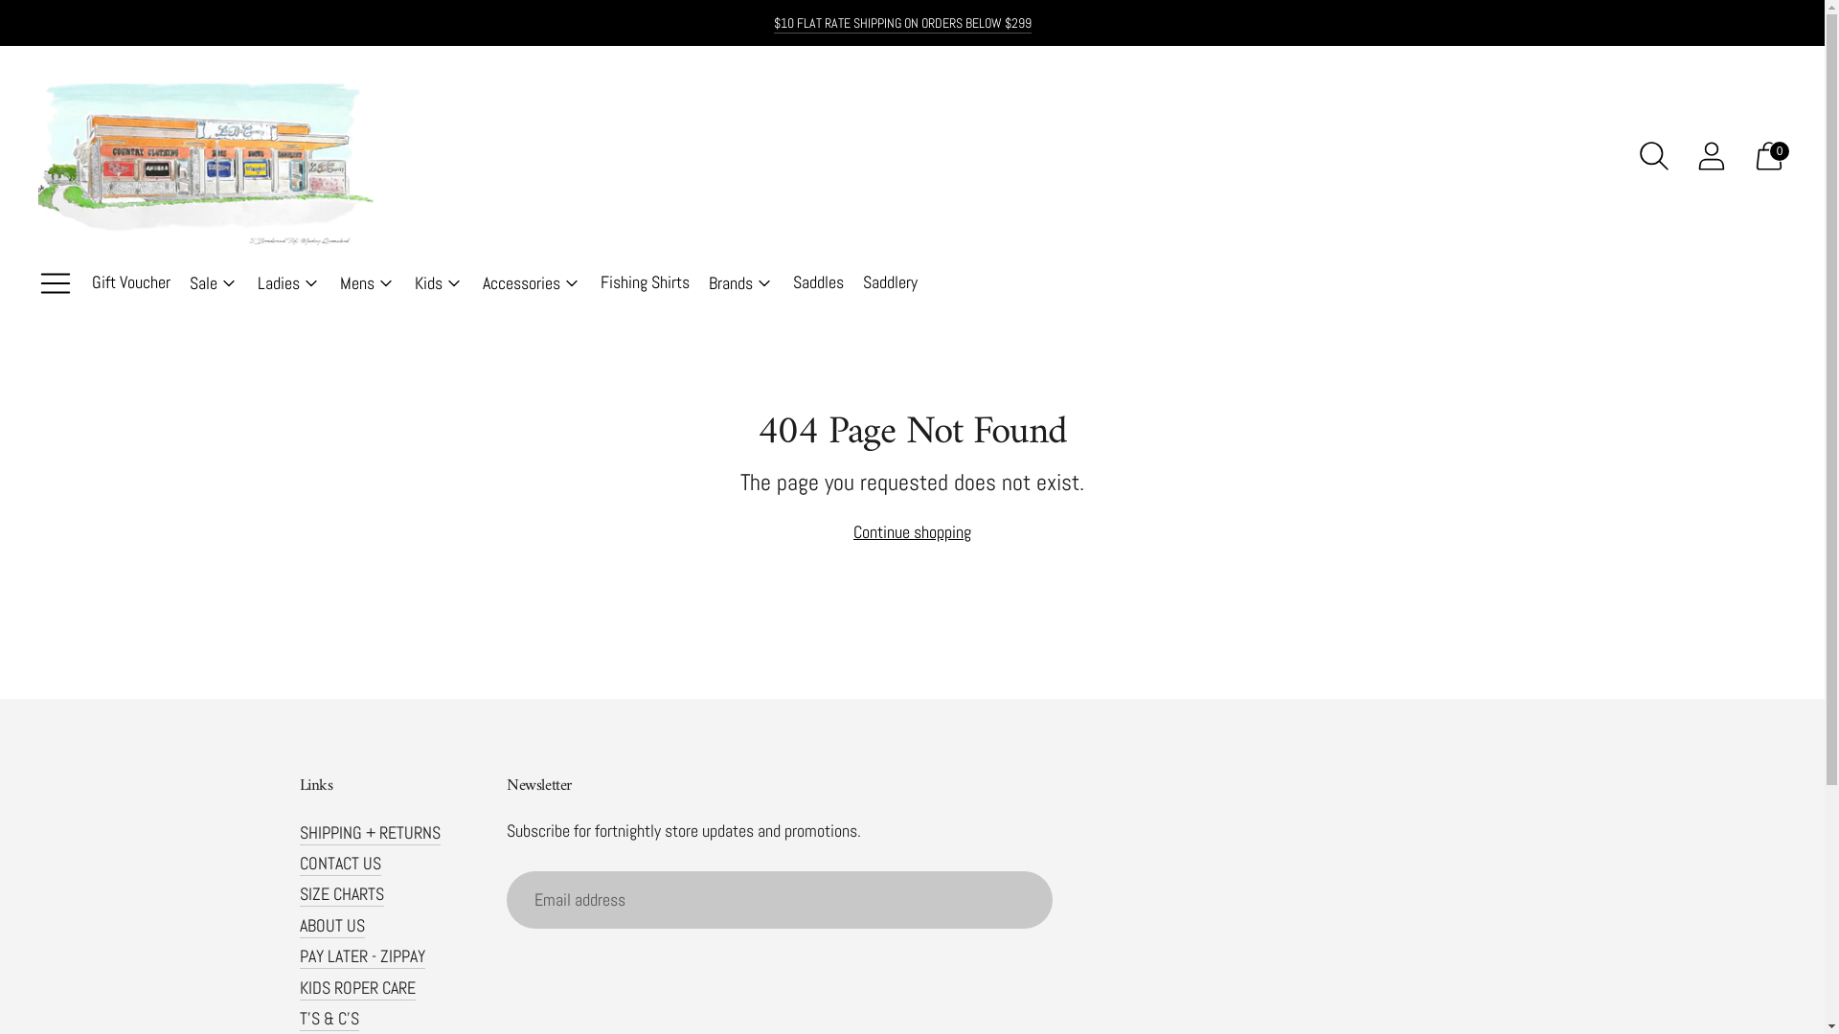  I want to click on 'Sale', so click(189, 283).